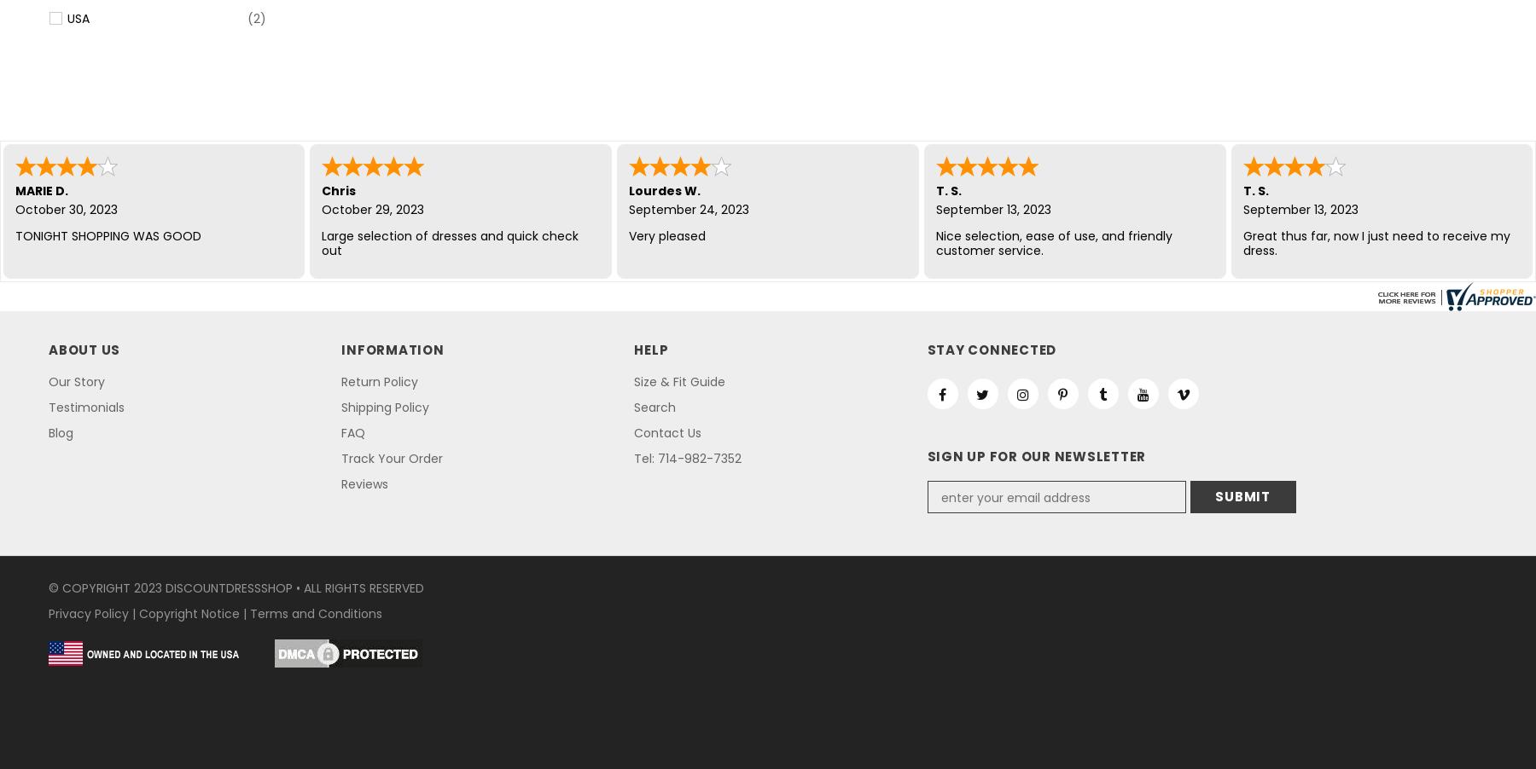 This screenshot has height=769, width=1536. I want to click on '(2)', so click(246, 18).